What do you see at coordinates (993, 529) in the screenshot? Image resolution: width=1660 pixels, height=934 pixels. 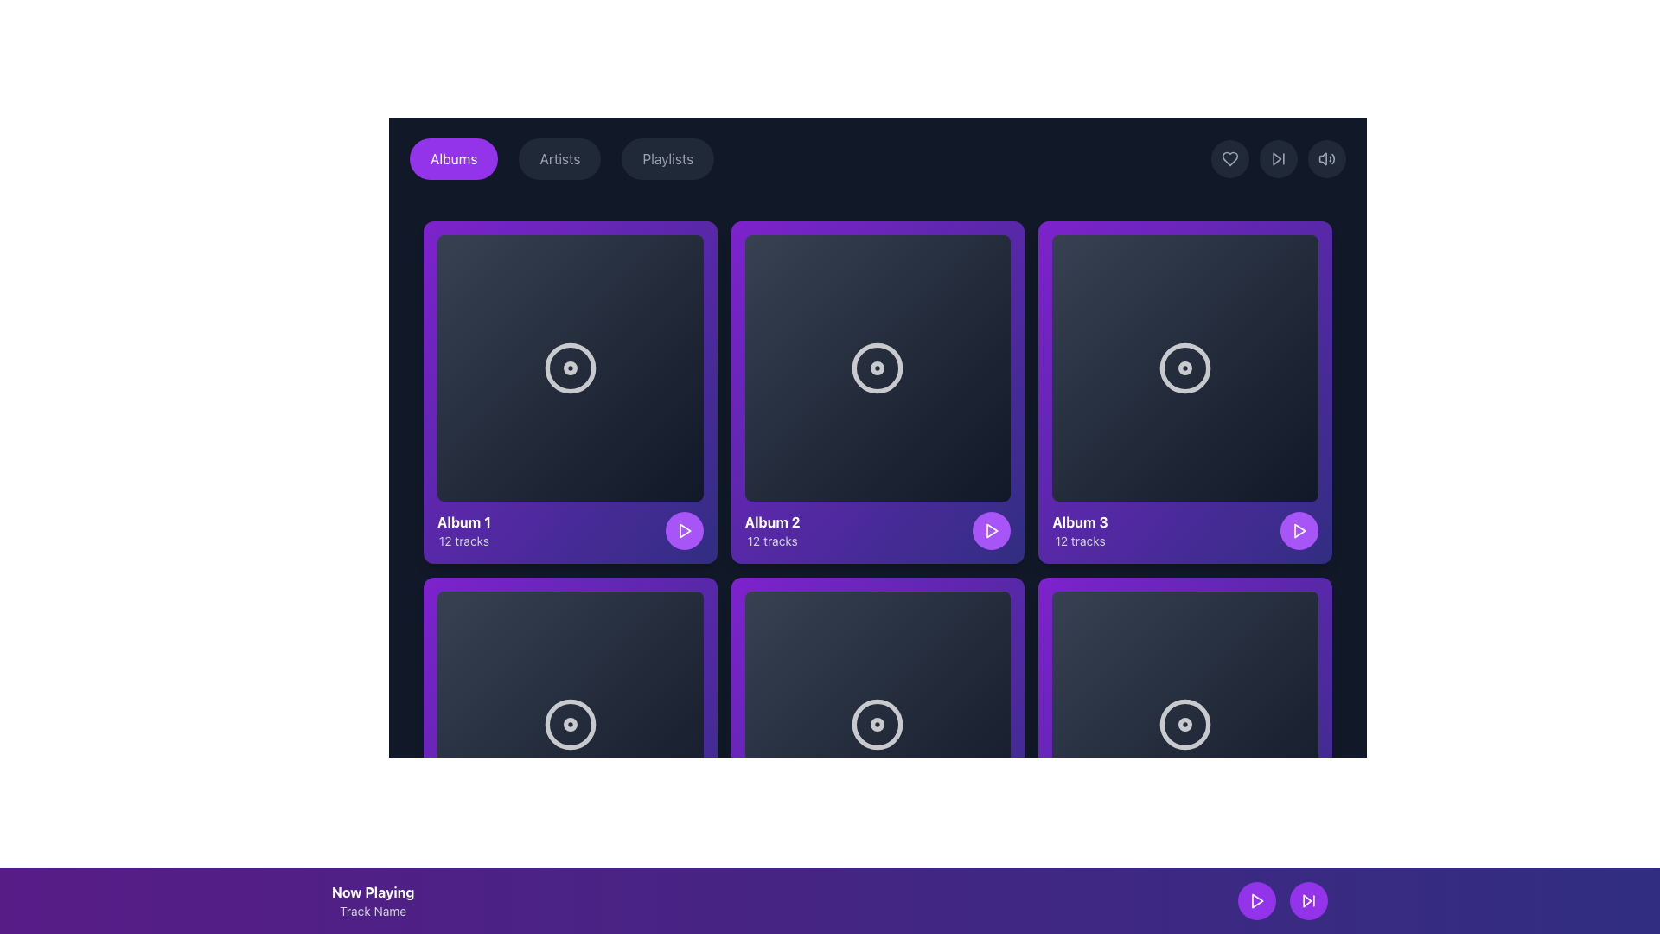 I see `the Play Icon for 'Album 2' to provide visual feedback before initiating playback` at bounding box center [993, 529].